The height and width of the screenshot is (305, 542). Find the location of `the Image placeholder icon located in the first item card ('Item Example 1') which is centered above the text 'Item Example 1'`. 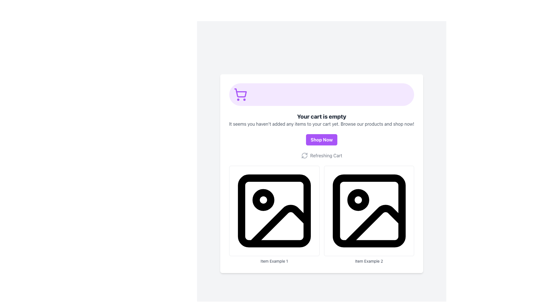

the Image placeholder icon located in the first item card ('Item Example 1') which is centered above the text 'Item Example 1' is located at coordinates (274, 211).